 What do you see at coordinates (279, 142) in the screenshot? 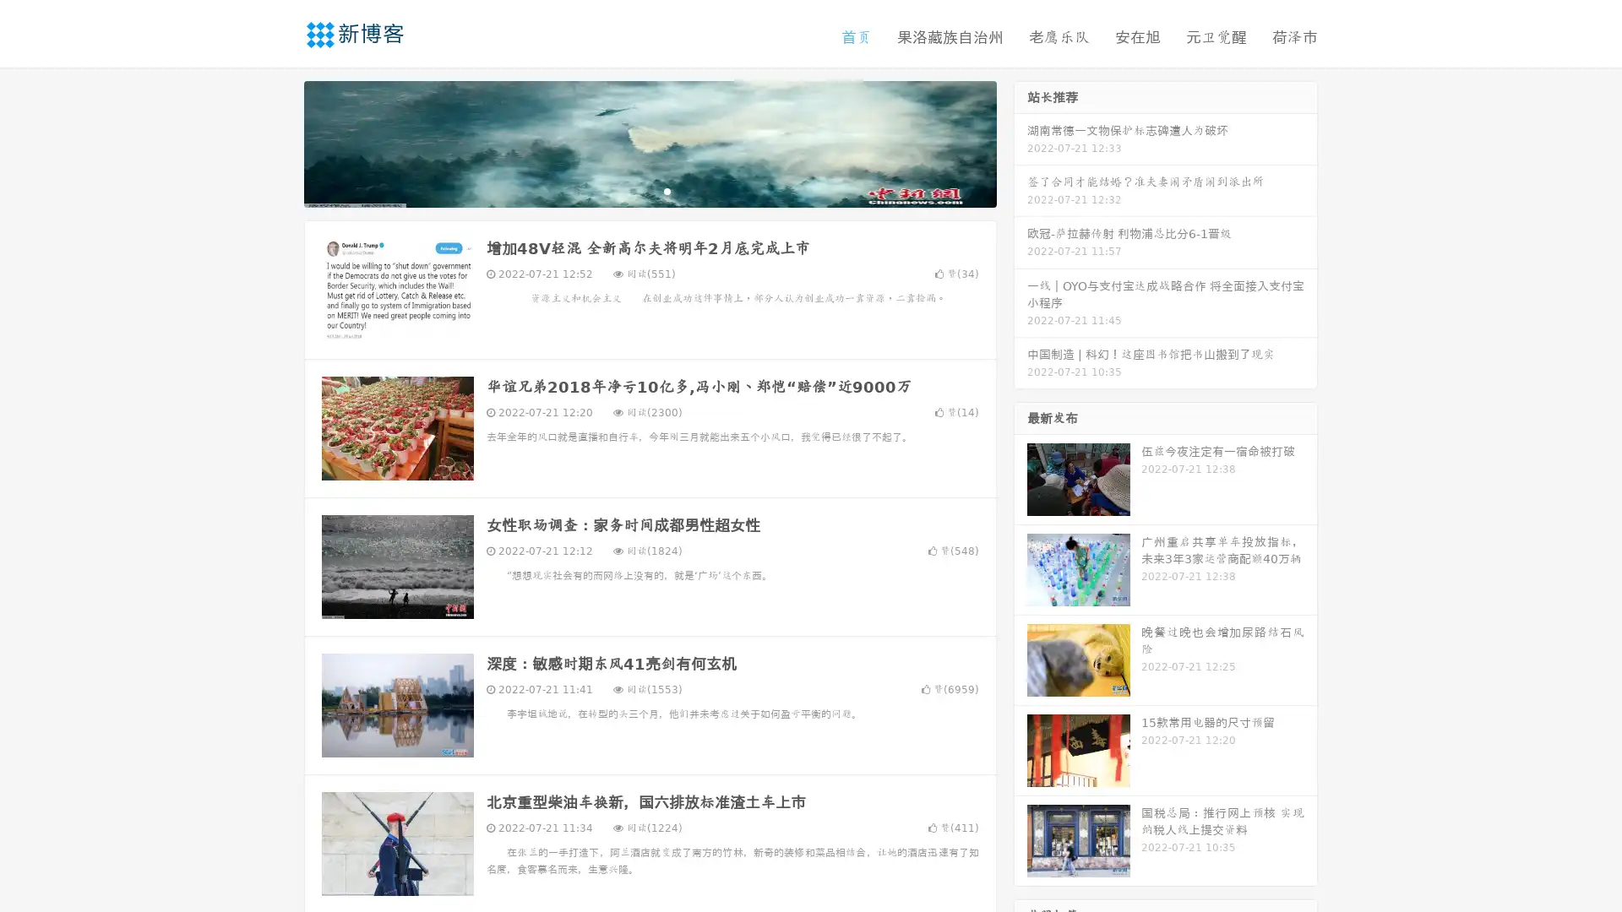
I see `Previous slide` at bounding box center [279, 142].